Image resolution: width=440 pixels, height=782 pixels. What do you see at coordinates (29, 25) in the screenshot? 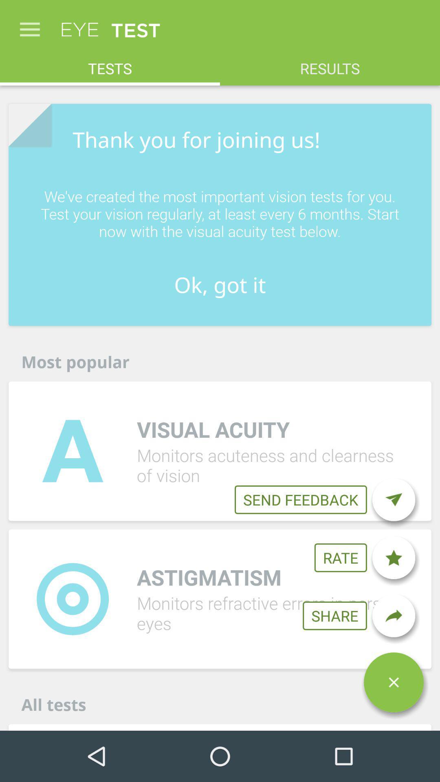
I see `the icon to the left of the eye` at bounding box center [29, 25].